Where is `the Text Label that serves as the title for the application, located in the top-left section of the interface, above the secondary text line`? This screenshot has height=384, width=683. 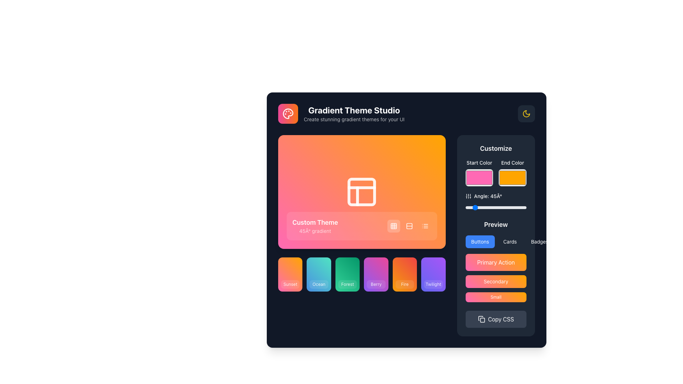 the Text Label that serves as the title for the application, located in the top-left section of the interface, above the secondary text line is located at coordinates (354, 110).